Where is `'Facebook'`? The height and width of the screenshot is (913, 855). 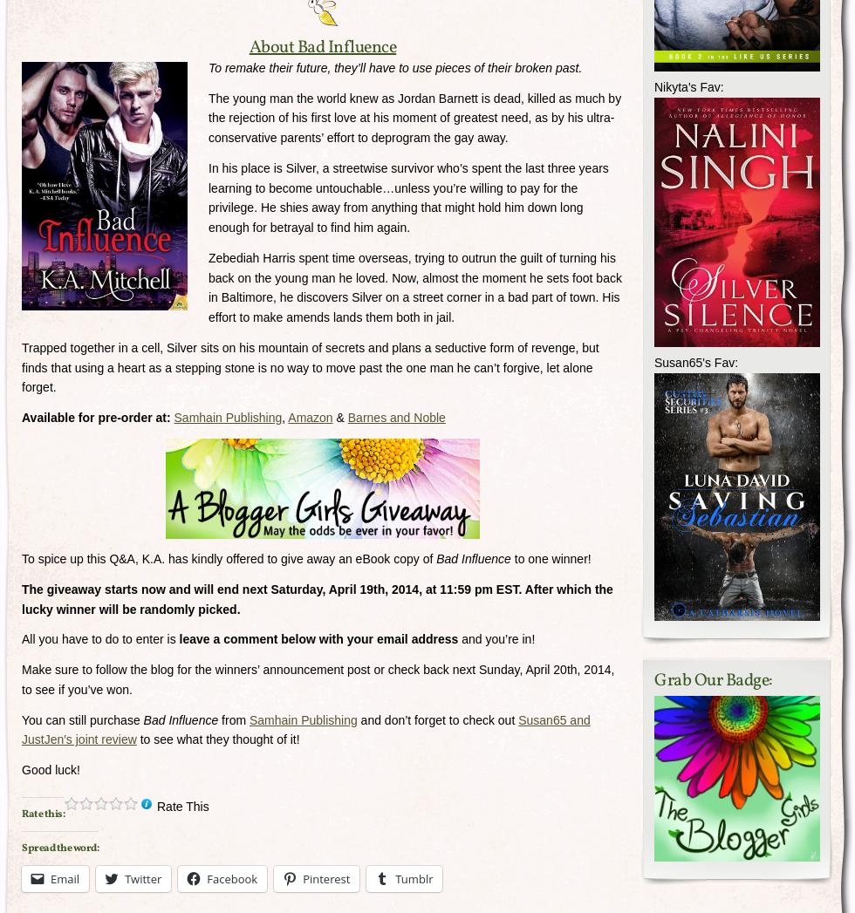
'Facebook' is located at coordinates (231, 878).